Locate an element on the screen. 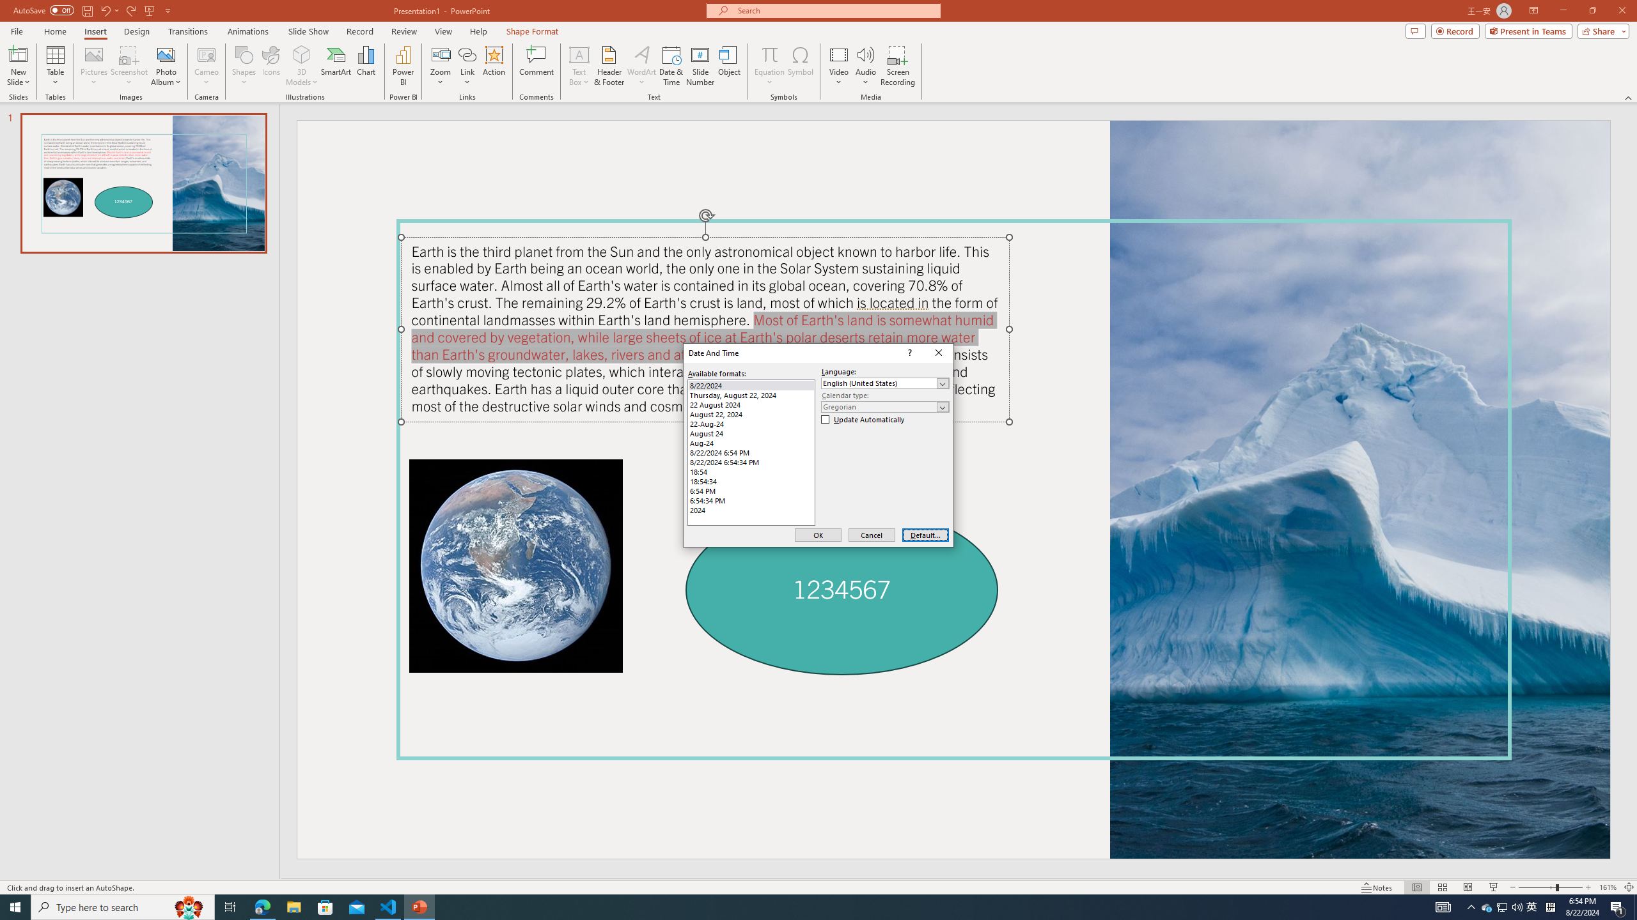 This screenshot has width=1637, height=920. 'User Promoted Notification Area' is located at coordinates (1502, 906).